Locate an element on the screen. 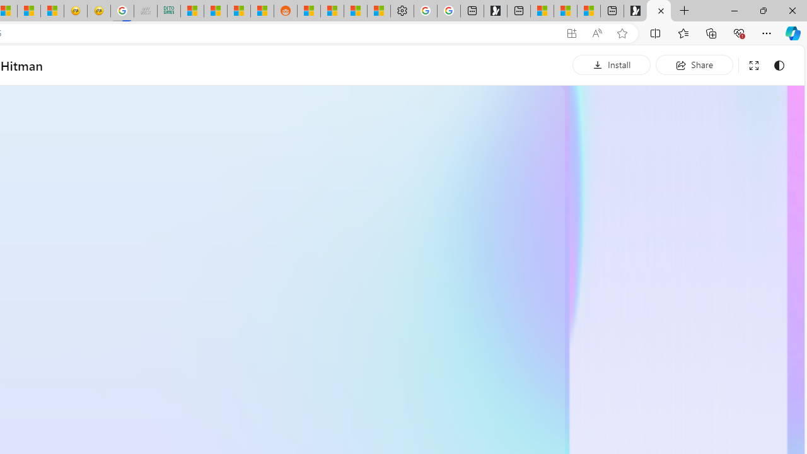  'These 3 Stocks Pay You More Than 5% to Own Them' is located at coordinates (588, 11).